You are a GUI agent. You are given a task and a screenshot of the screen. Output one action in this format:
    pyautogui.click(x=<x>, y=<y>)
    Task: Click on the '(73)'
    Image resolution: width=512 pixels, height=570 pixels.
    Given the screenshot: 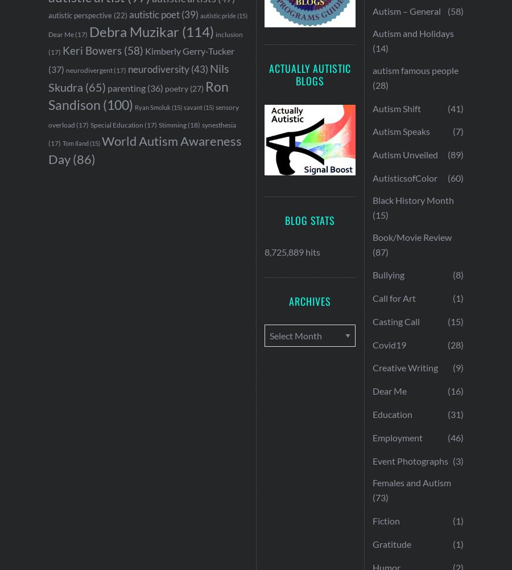 What is the action you would take?
    pyautogui.click(x=380, y=497)
    